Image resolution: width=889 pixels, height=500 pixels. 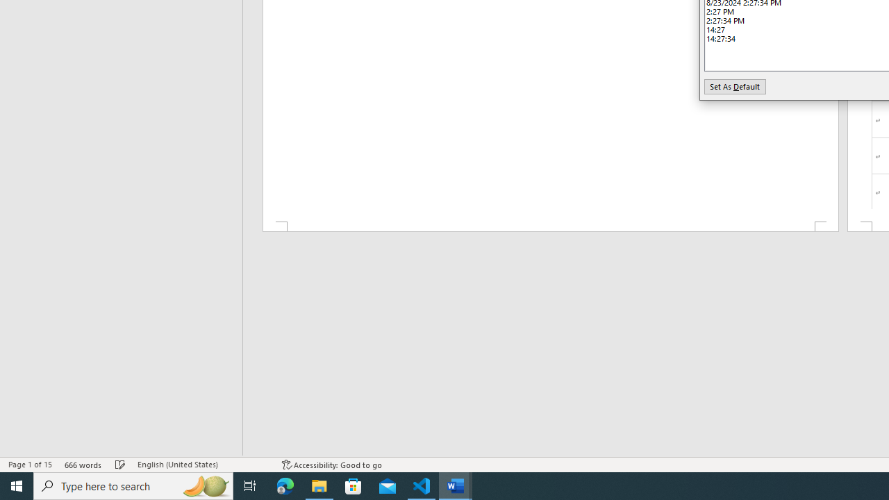 What do you see at coordinates (204, 485) in the screenshot?
I see `'Search highlights icon opens search home window'` at bounding box center [204, 485].